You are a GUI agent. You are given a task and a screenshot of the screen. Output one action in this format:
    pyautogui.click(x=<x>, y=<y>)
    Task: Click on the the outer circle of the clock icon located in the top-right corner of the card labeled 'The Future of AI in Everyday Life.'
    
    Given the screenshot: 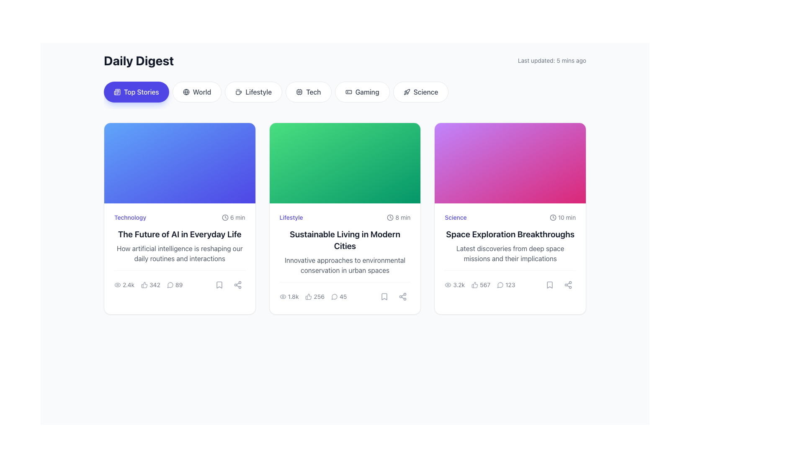 What is the action you would take?
    pyautogui.click(x=225, y=217)
    